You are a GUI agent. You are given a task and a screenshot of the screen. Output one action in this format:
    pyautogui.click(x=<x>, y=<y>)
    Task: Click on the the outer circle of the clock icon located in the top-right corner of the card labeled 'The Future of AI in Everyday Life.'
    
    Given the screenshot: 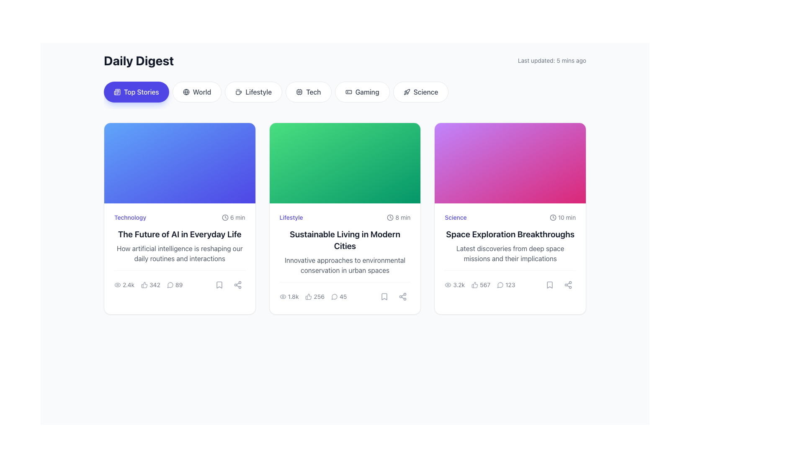 What is the action you would take?
    pyautogui.click(x=225, y=217)
    